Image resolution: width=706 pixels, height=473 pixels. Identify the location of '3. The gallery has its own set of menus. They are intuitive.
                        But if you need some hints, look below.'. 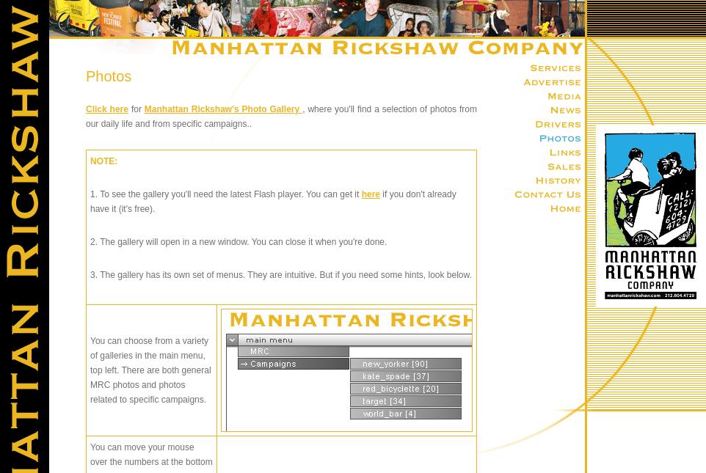
(280, 275).